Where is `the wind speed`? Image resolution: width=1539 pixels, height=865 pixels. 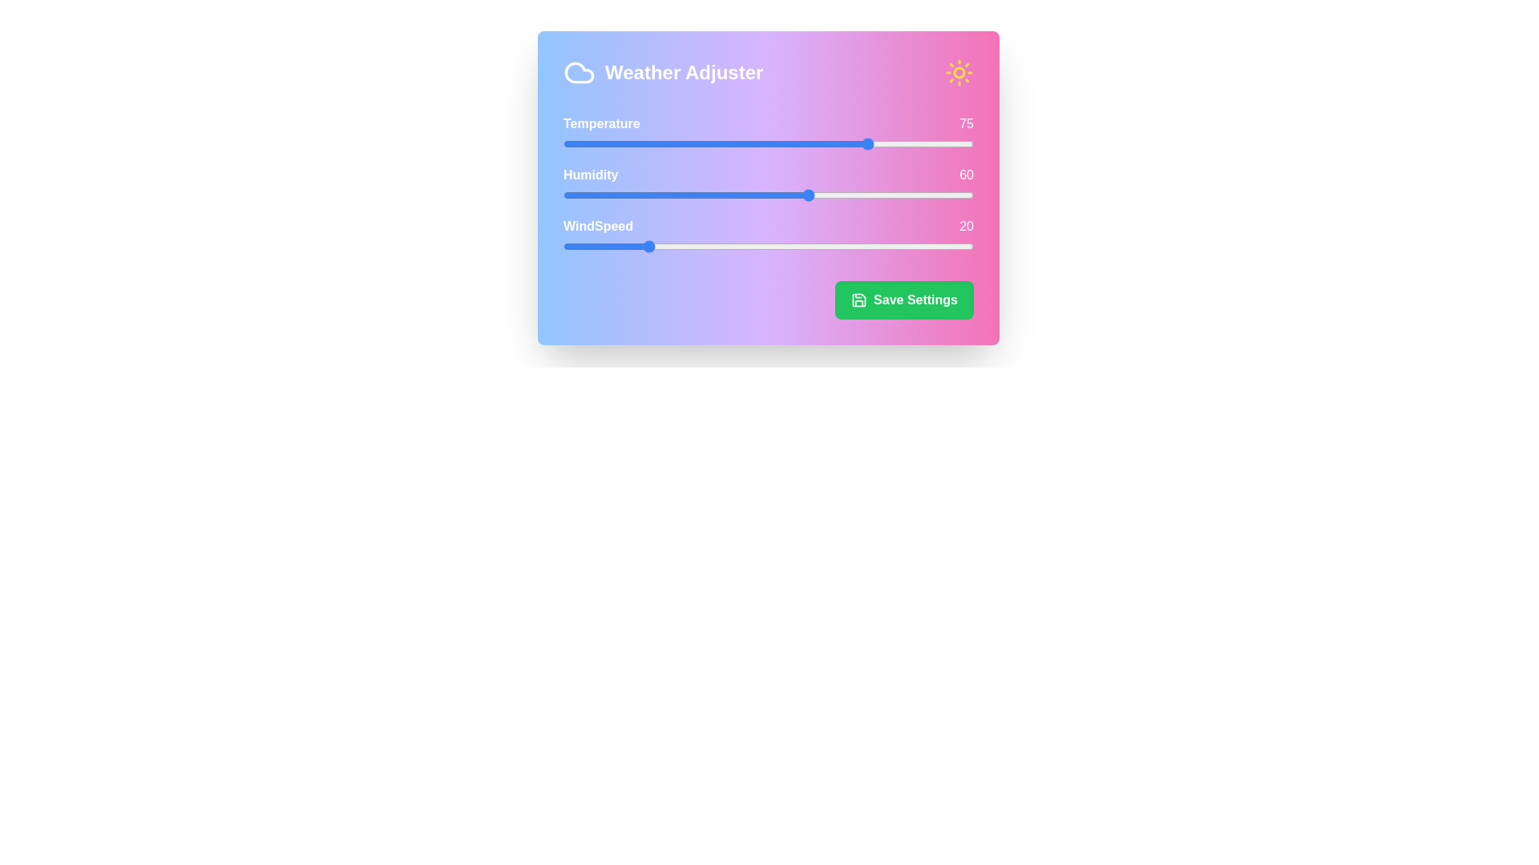 the wind speed is located at coordinates (870, 247).